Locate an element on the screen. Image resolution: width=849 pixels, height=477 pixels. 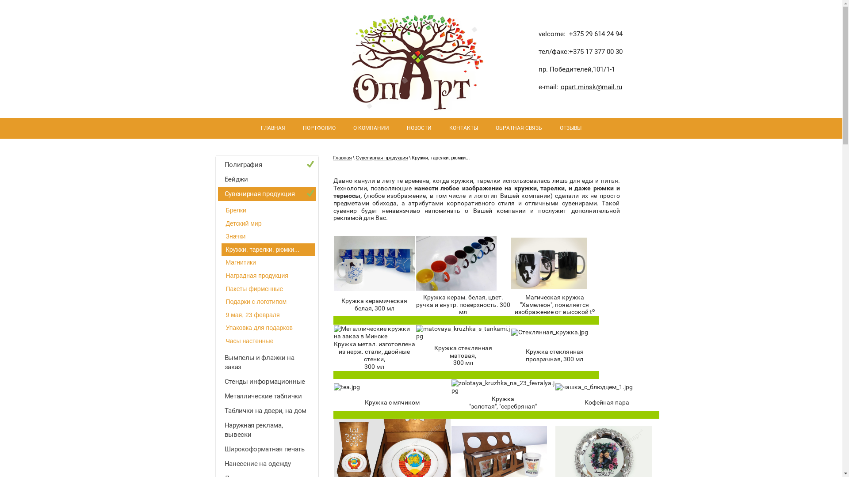
'+375 29 614 24 94' is located at coordinates (595, 34).